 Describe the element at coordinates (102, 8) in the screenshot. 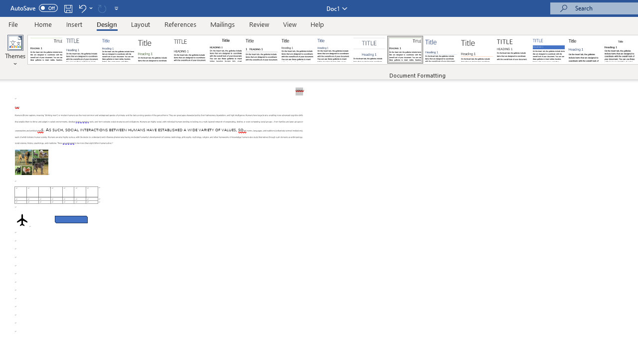

I see `'Can'` at that location.